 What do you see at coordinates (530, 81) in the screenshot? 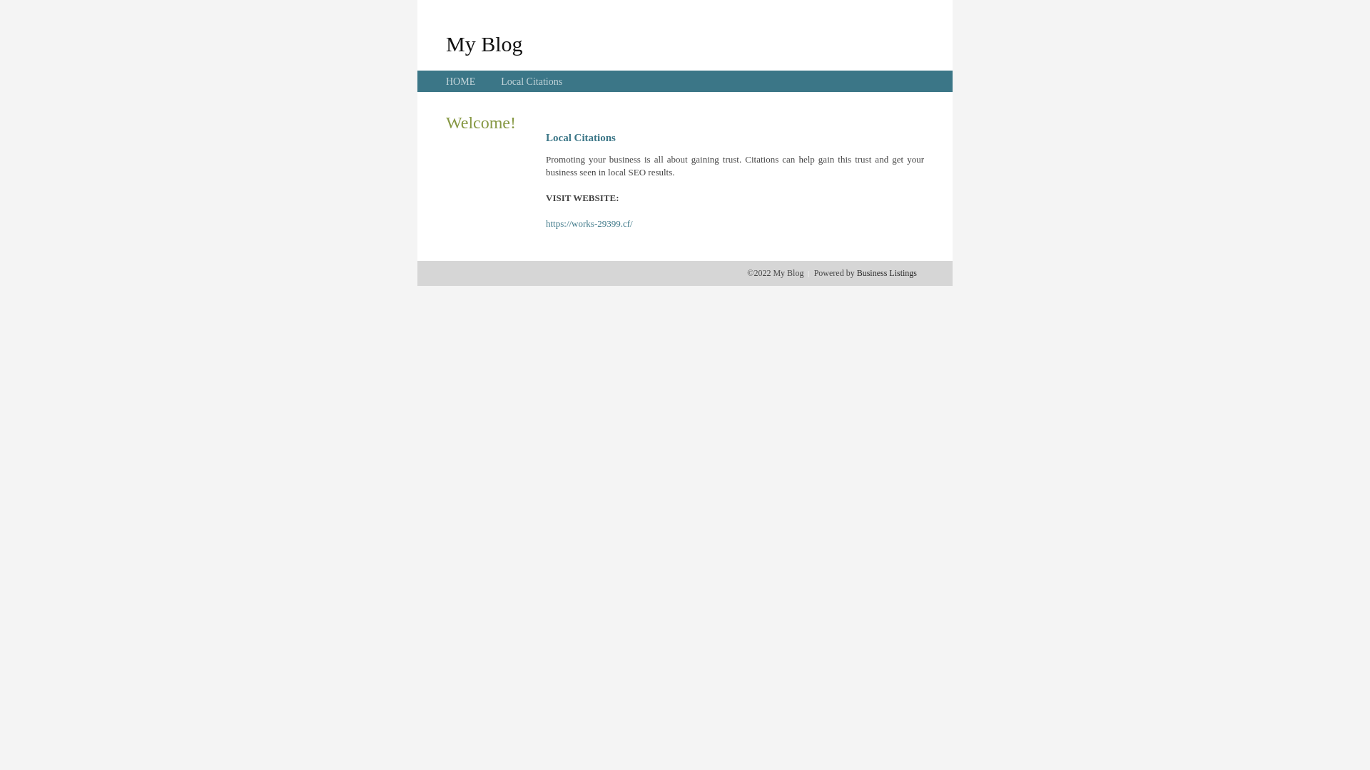
I see `'Local Citations'` at bounding box center [530, 81].